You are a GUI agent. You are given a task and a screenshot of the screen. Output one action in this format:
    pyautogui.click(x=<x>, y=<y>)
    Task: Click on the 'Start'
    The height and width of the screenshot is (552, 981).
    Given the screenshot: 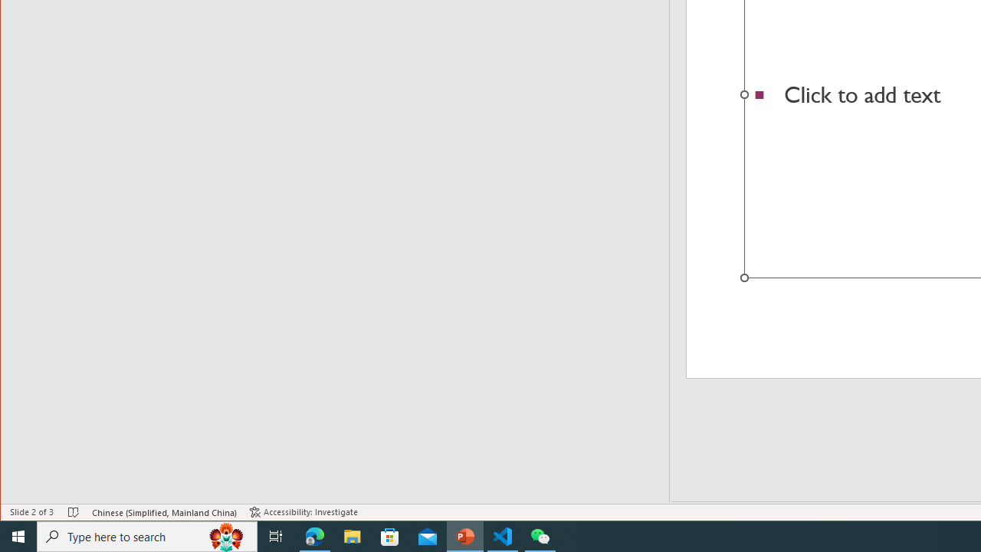 What is the action you would take?
    pyautogui.click(x=18, y=535)
    